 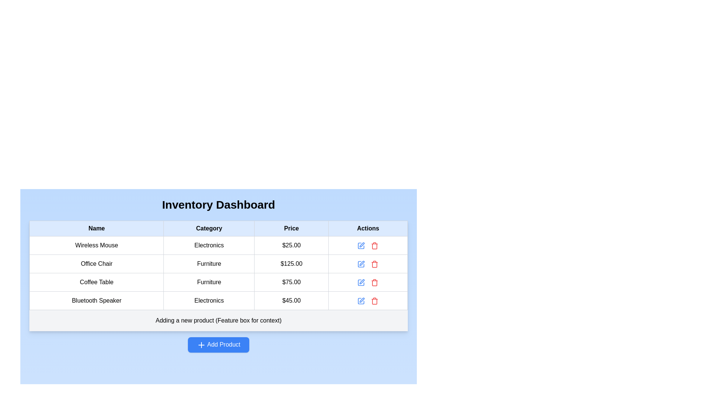 I want to click on the graphical trash icon component located in the 'Actions' column of the fourth row of the table, so click(x=375, y=246).